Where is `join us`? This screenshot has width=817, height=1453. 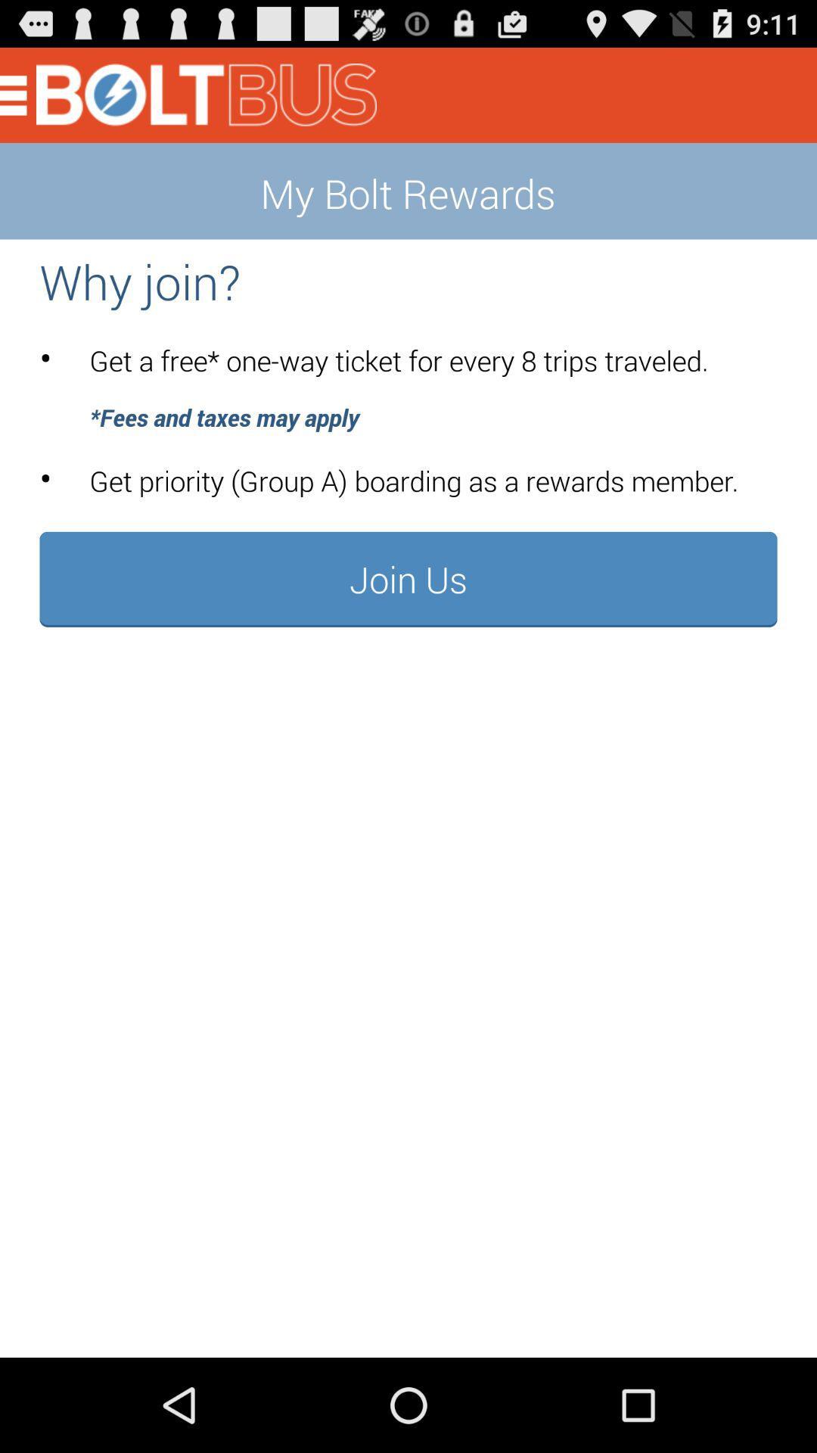
join us is located at coordinates (408, 578).